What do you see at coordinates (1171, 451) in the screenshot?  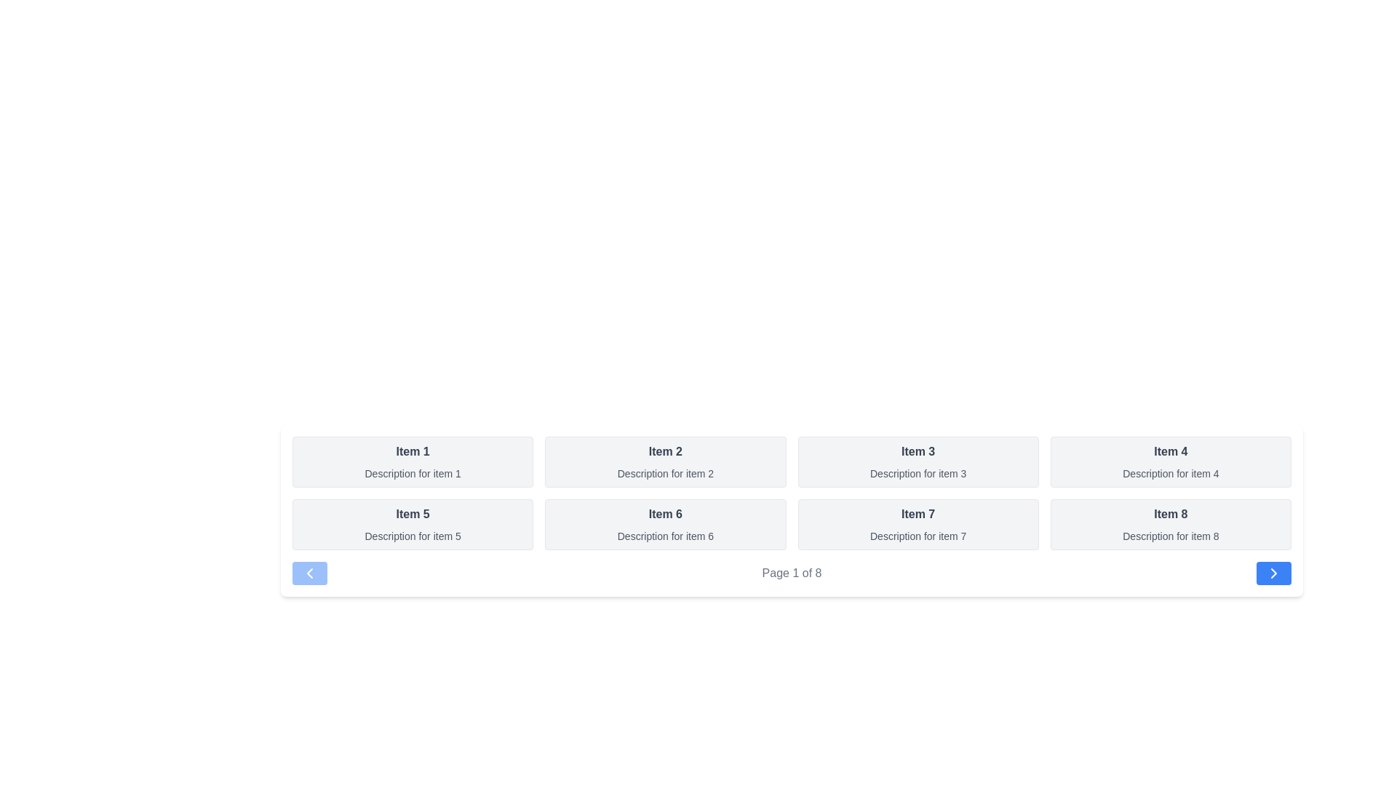 I see `the title text label for the fourth item in the grid, which is positioned above 'Description for item 4' in the top-right portion of the grid` at bounding box center [1171, 451].